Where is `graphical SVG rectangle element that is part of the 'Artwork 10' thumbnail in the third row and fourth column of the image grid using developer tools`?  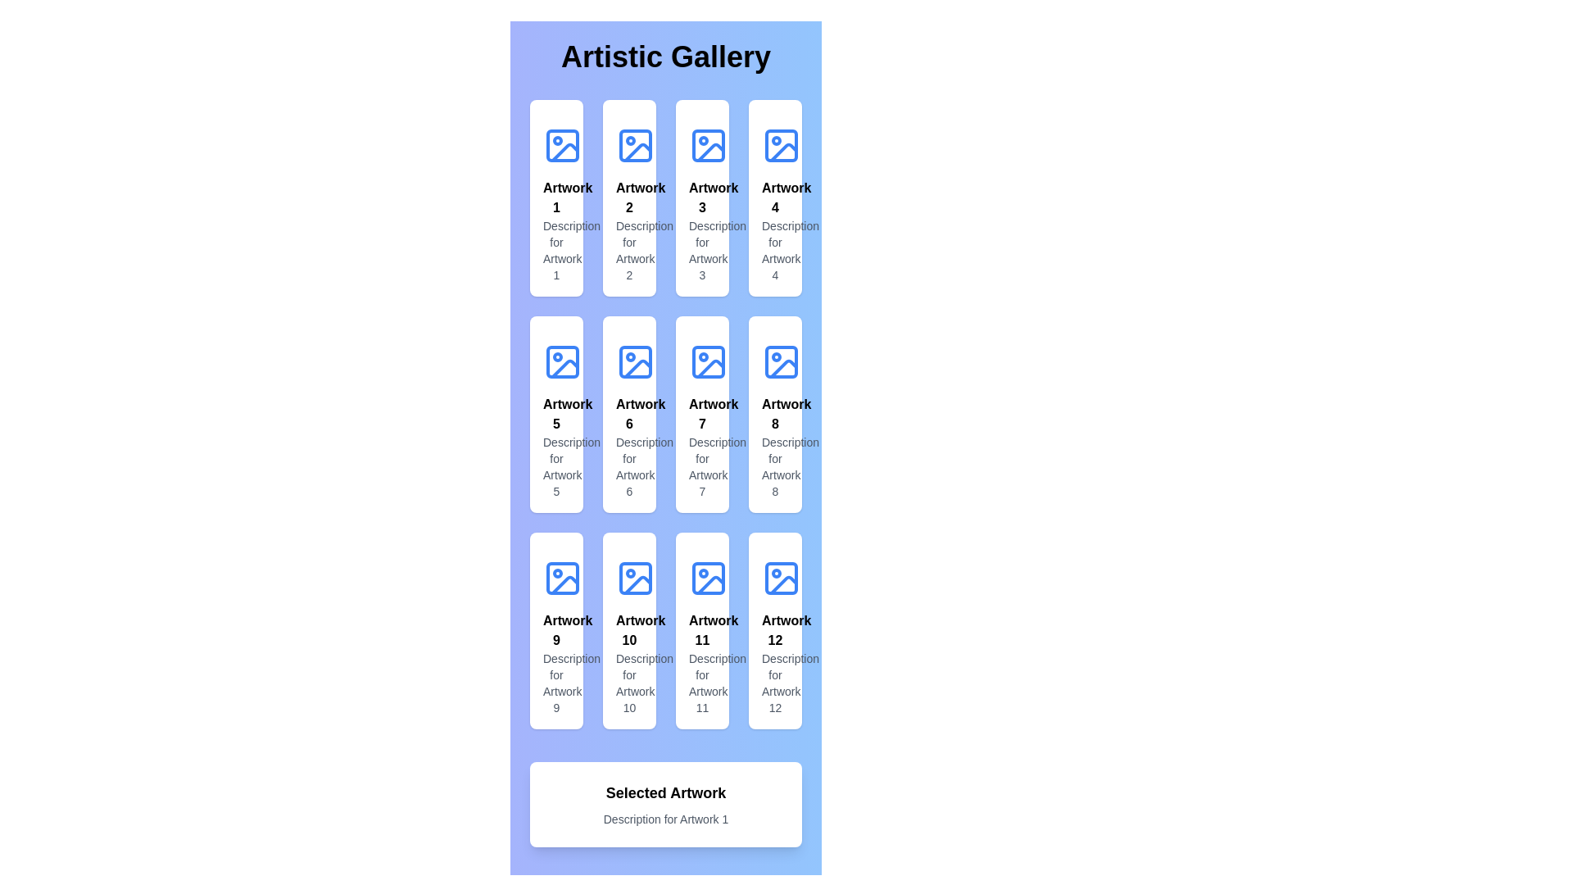 graphical SVG rectangle element that is part of the 'Artwork 10' thumbnail in the third row and fourth column of the image grid using developer tools is located at coordinates (635, 577).